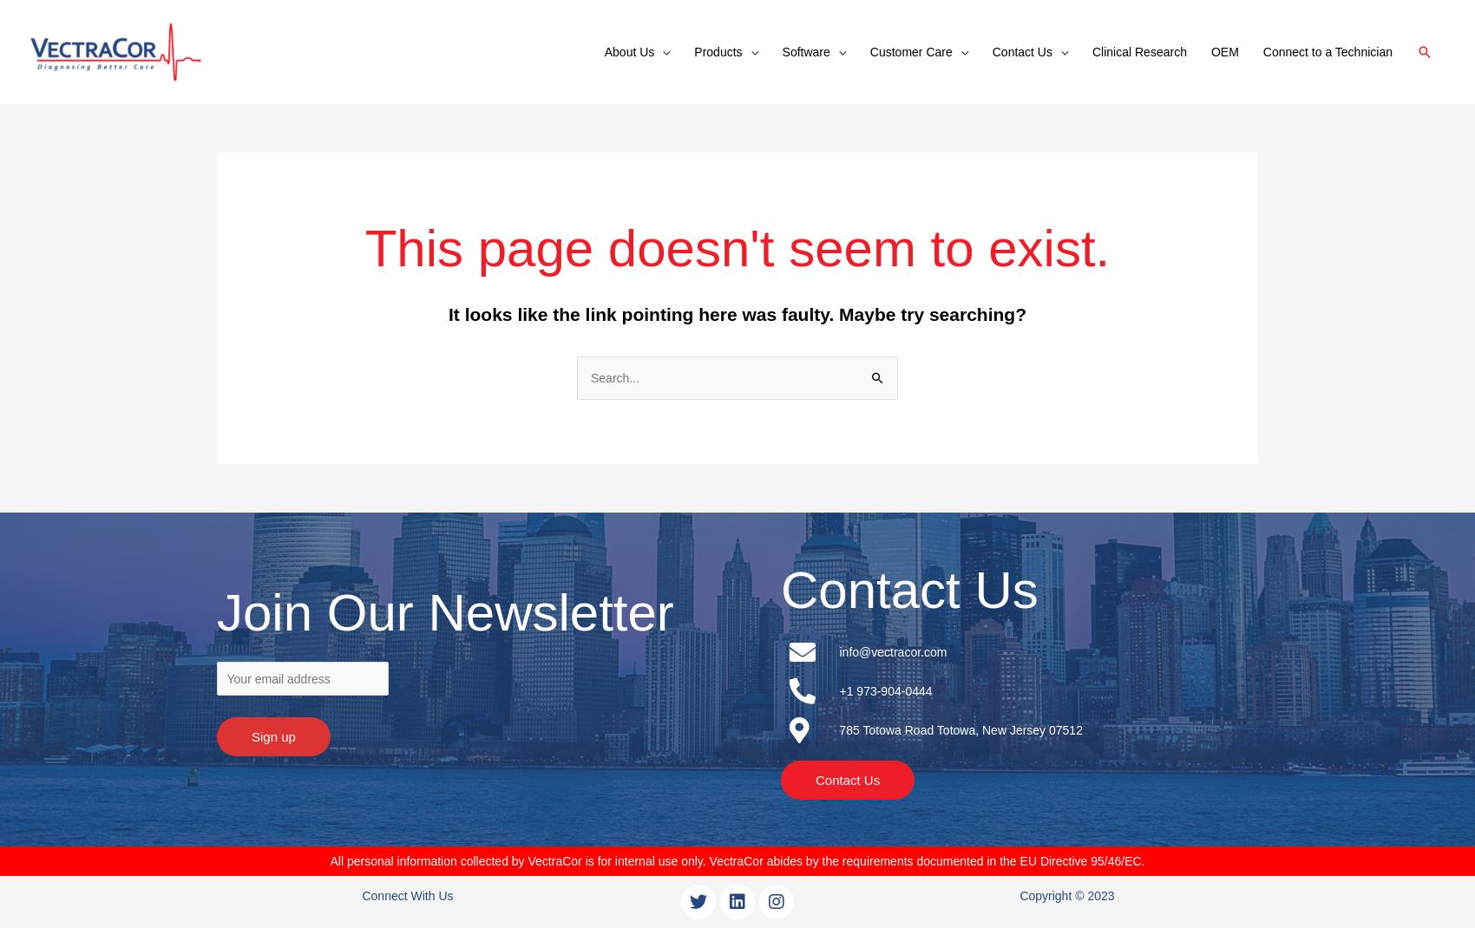 The width and height of the screenshot is (1475, 928). Describe the element at coordinates (837, 729) in the screenshot. I see `'785 Totowa Road Totowa, New Jersey 07512'` at that location.